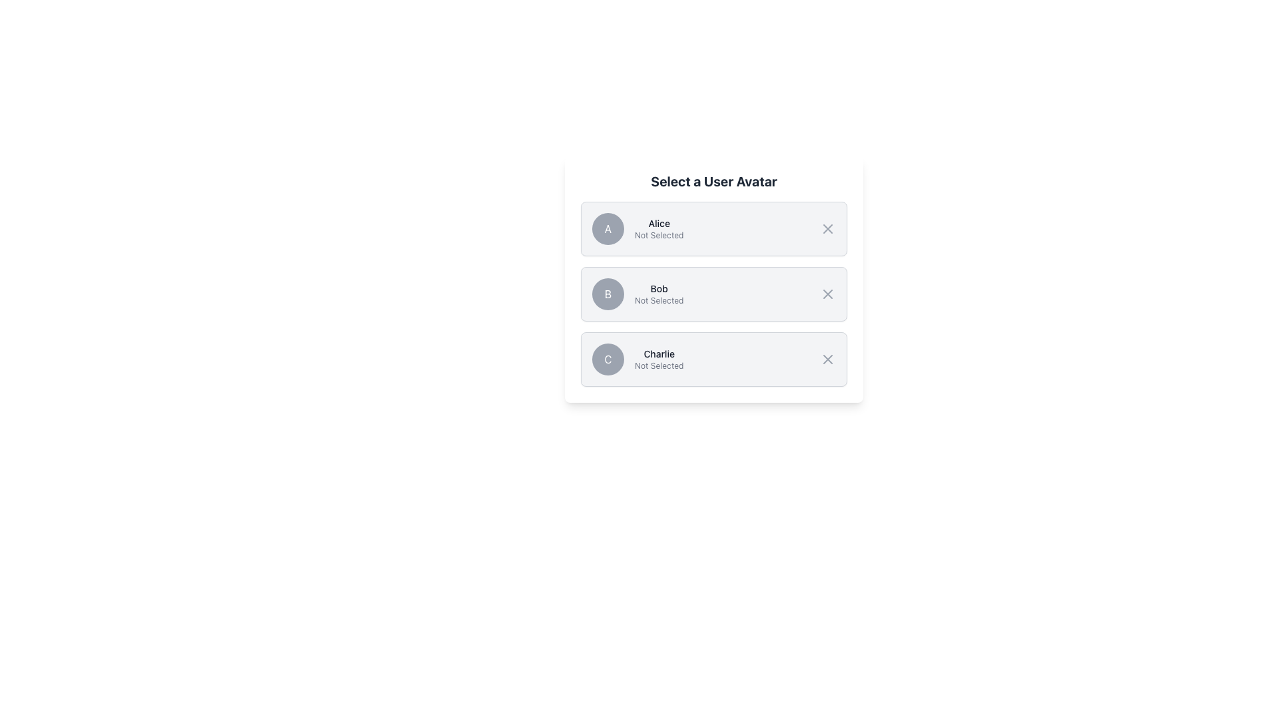 The width and height of the screenshot is (1279, 719). Describe the element at coordinates (659, 366) in the screenshot. I see `the status indicator text label for user 'Charlie', which indicates that no selection has been made. This label is positioned directly beneath the name 'Charlie' in the third user option of a vertical list` at that location.